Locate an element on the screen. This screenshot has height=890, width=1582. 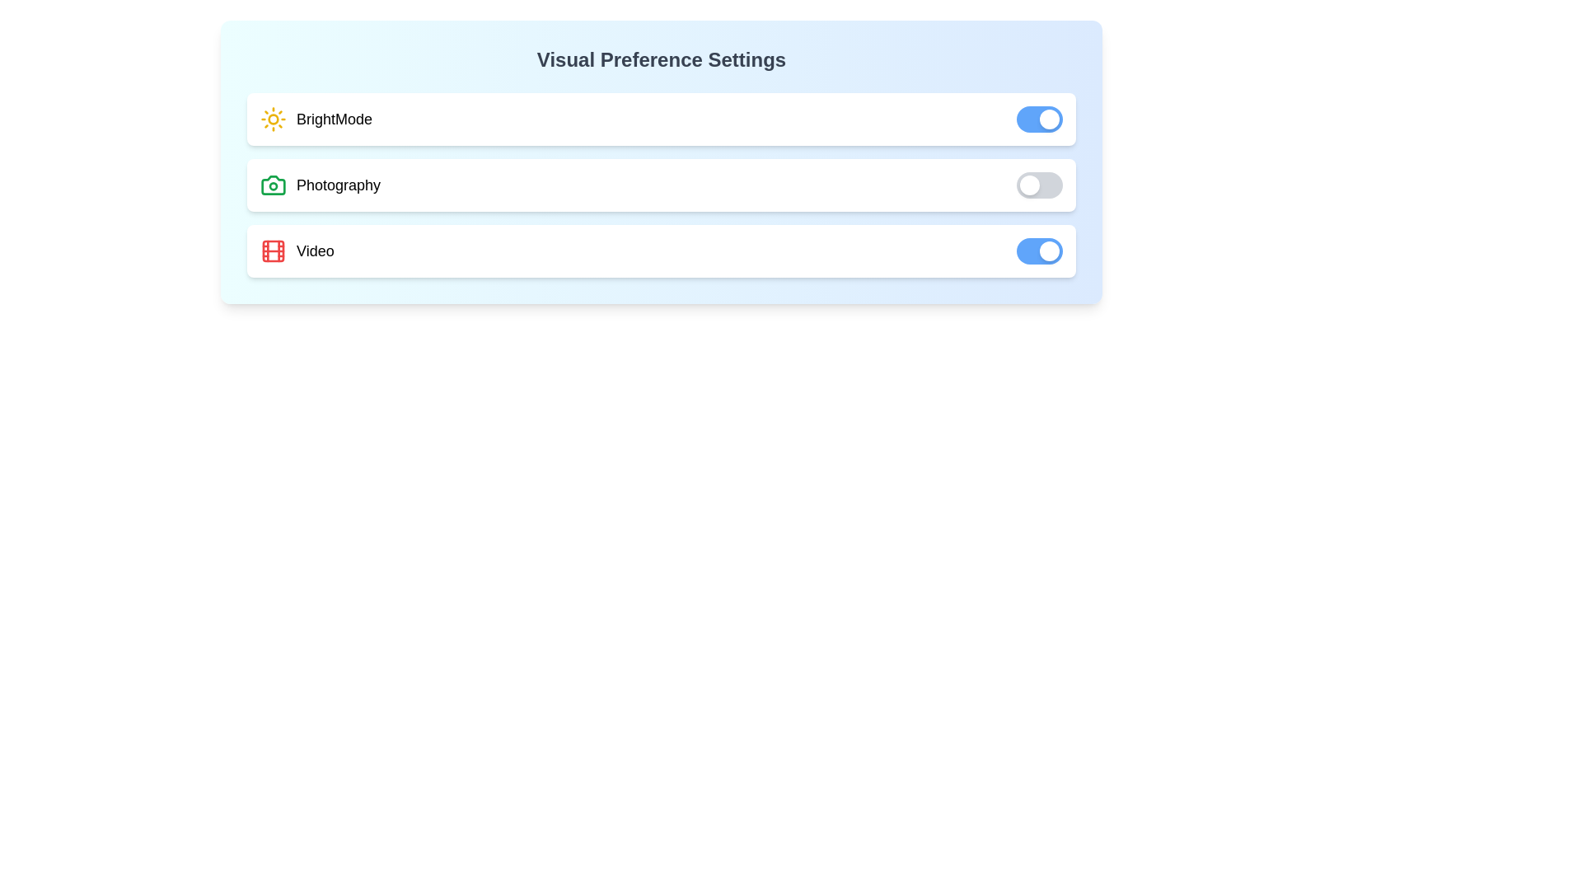
the toggle switch for 'Video' preference to change its state is located at coordinates (1039, 251).